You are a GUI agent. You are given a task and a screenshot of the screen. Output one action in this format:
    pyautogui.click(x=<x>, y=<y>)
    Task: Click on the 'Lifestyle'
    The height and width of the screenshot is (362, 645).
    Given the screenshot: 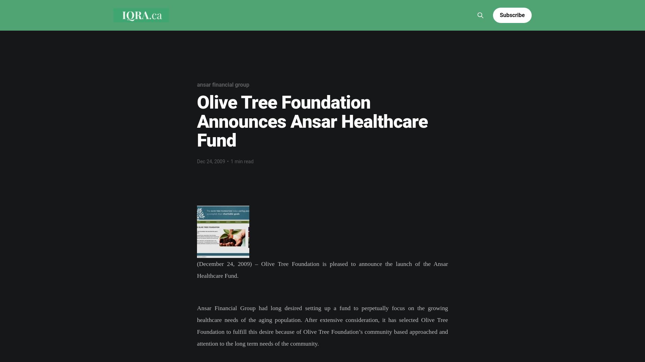 What is the action you would take?
    pyautogui.click(x=316, y=5)
    